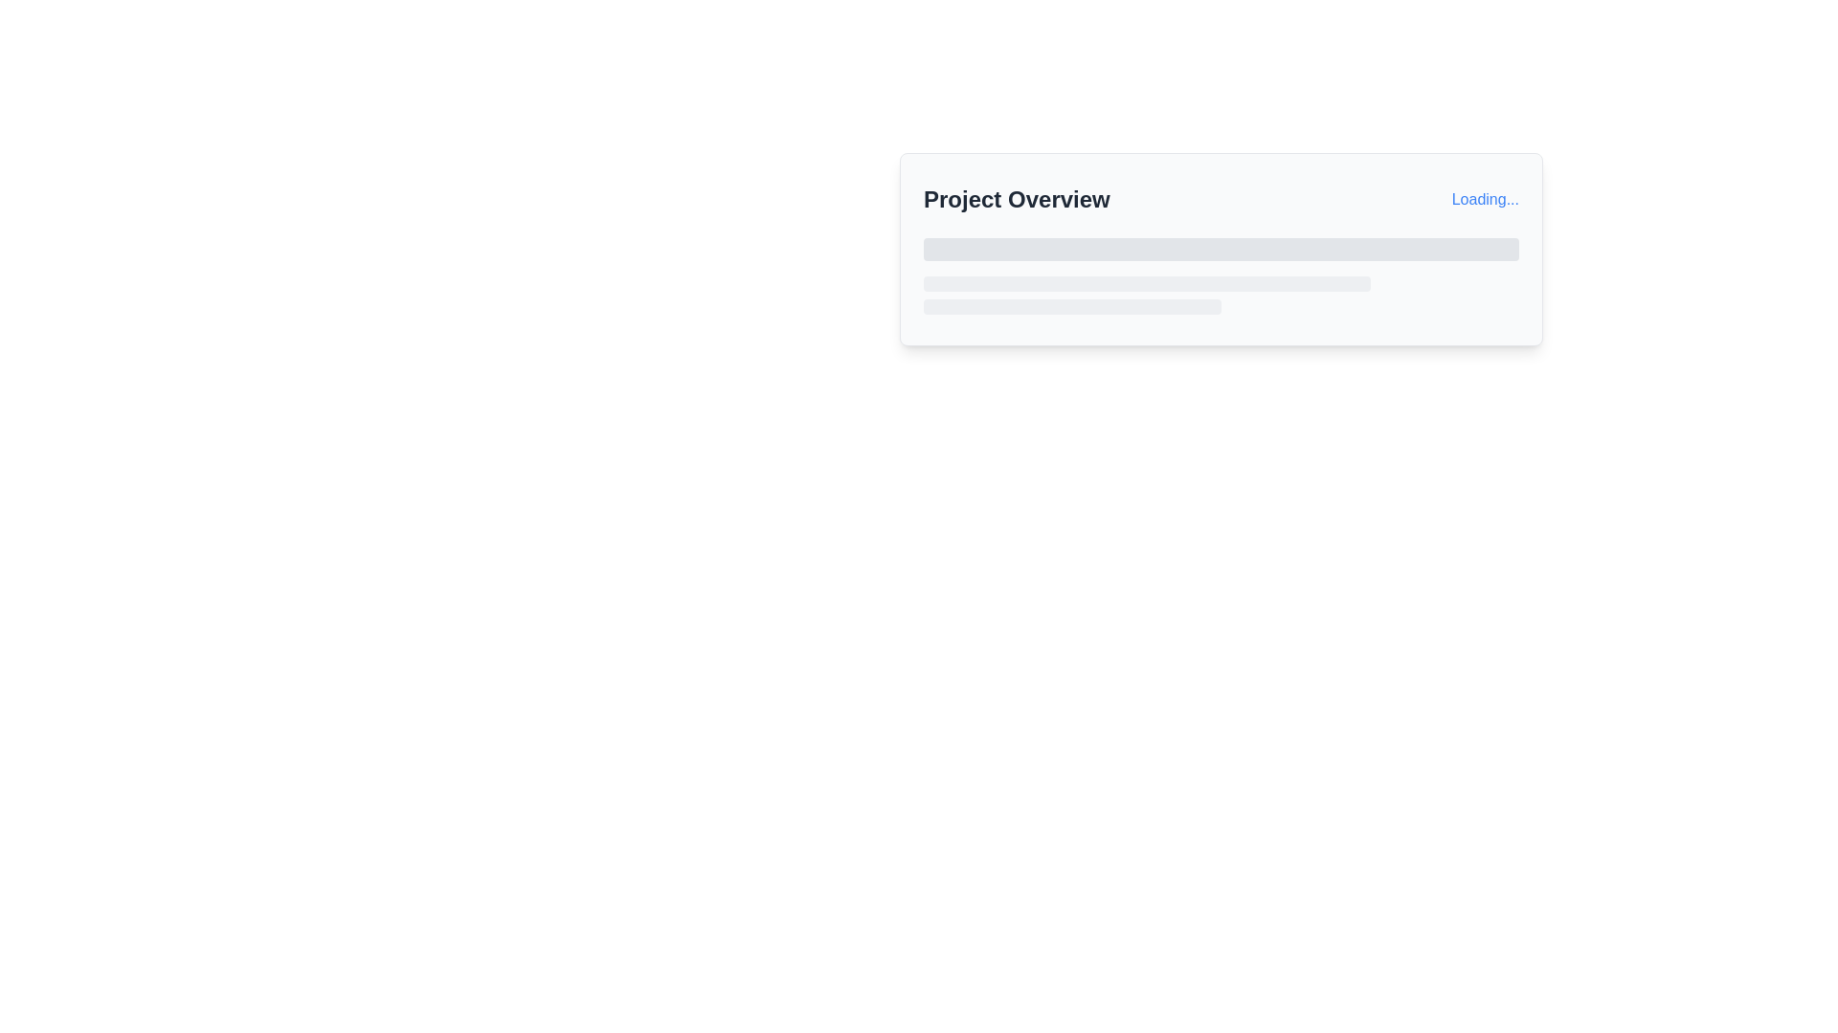  Describe the element at coordinates (1484, 199) in the screenshot. I see `the link displaying 'Loading...' in blue with an underline, located` at that location.